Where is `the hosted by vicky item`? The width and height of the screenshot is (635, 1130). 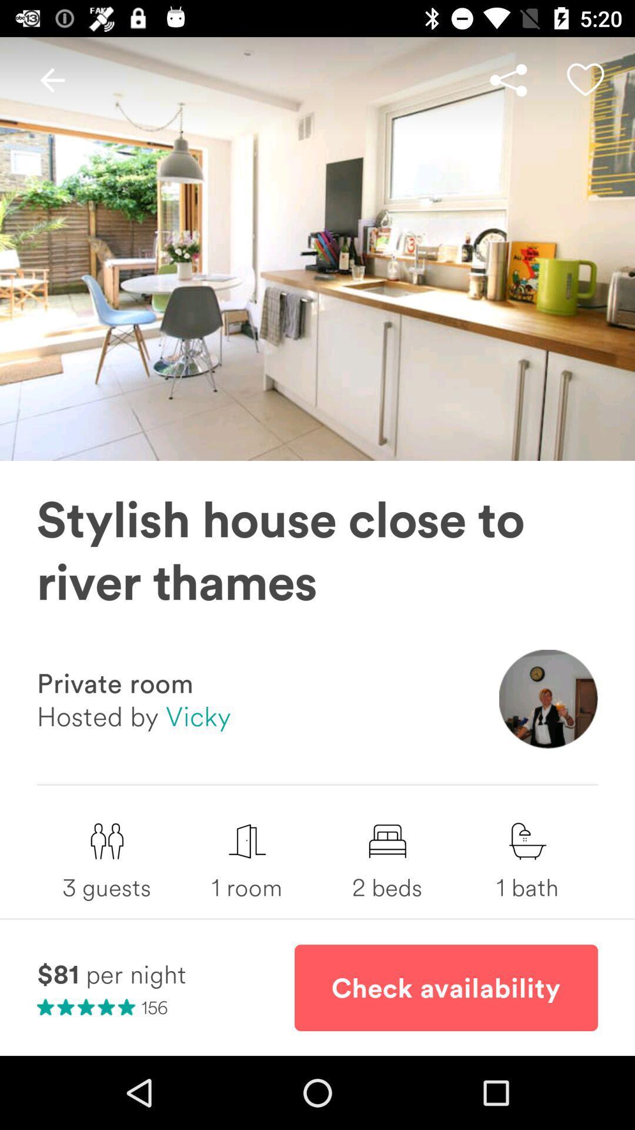 the hosted by vicky item is located at coordinates (133, 715).